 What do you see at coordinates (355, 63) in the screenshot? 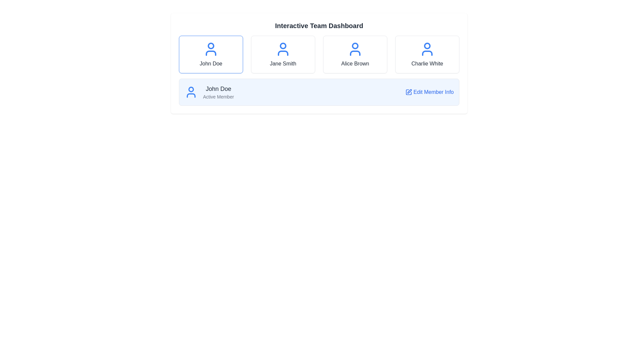
I see `text content of the label displaying 'Alice Brown', located beneath an icon within the card labeled 'Alice Brown' in the third box of the interactive team dashboard` at bounding box center [355, 63].